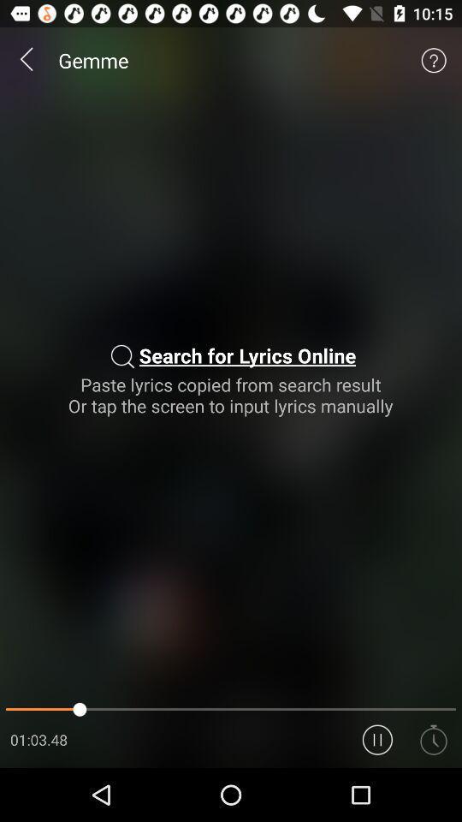  I want to click on the pause icon, so click(377, 791).